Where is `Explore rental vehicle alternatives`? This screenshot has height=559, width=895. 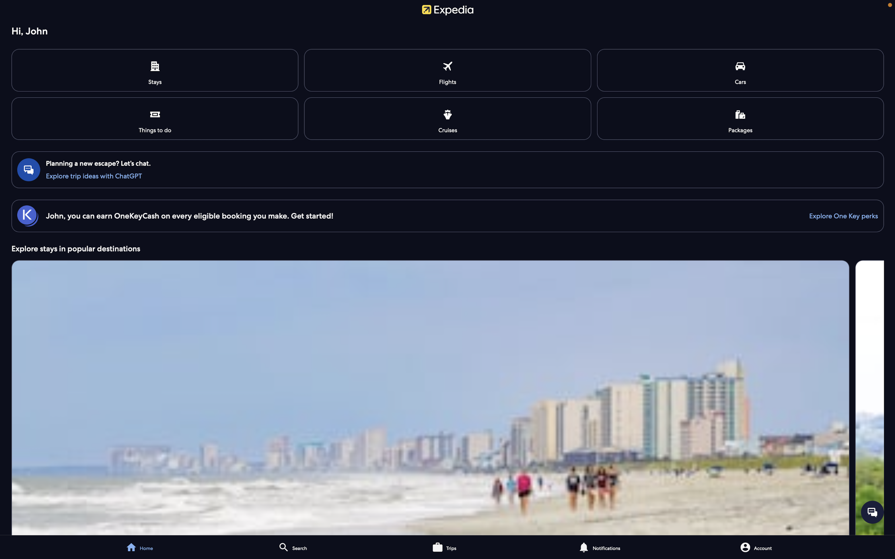
Explore rental vehicle alternatives is located at coordinates (740, 70).